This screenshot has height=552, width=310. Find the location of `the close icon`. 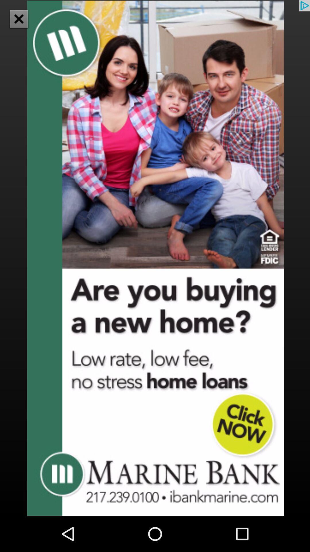

the close icon is located at coordinates (18, 20).